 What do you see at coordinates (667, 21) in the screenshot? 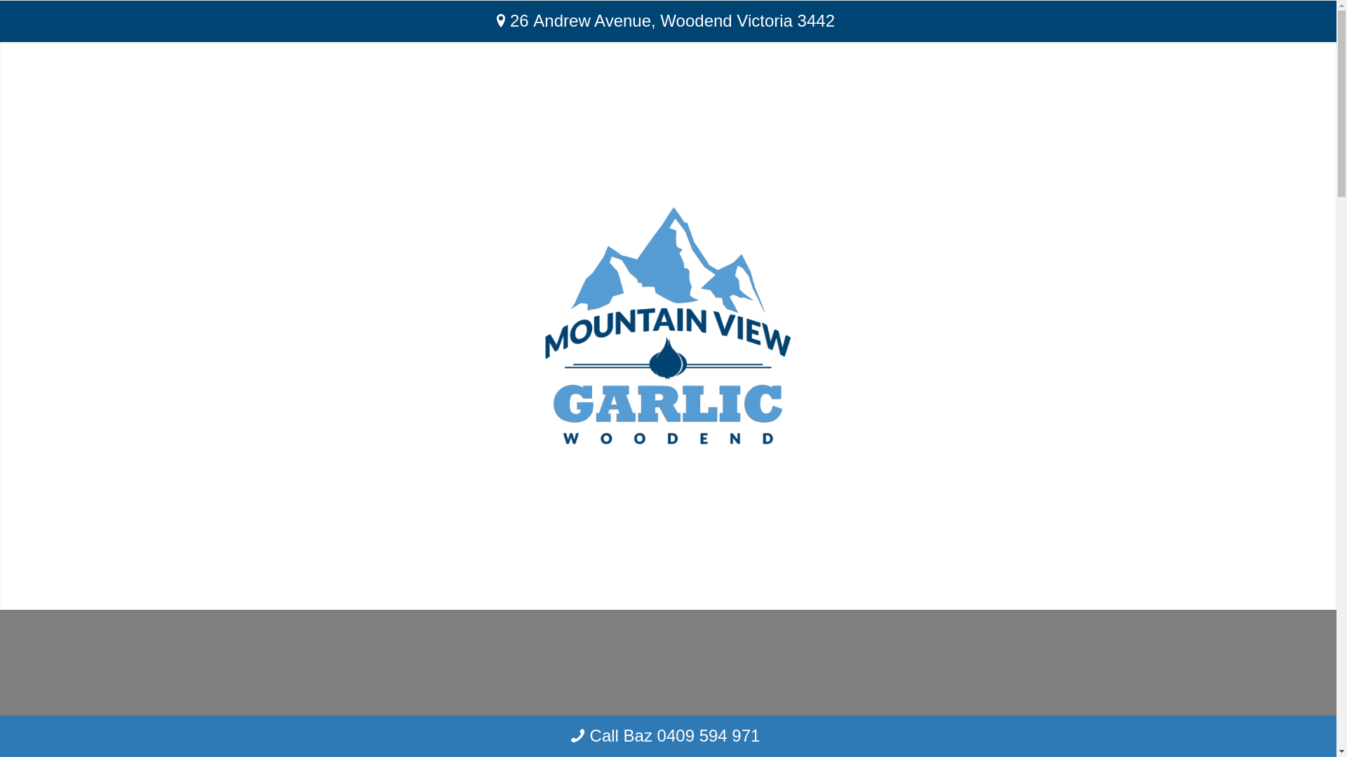
I see `'26 Andrew Avenue, Woodend Victoria 3442'` at bounding box center [667, 21].